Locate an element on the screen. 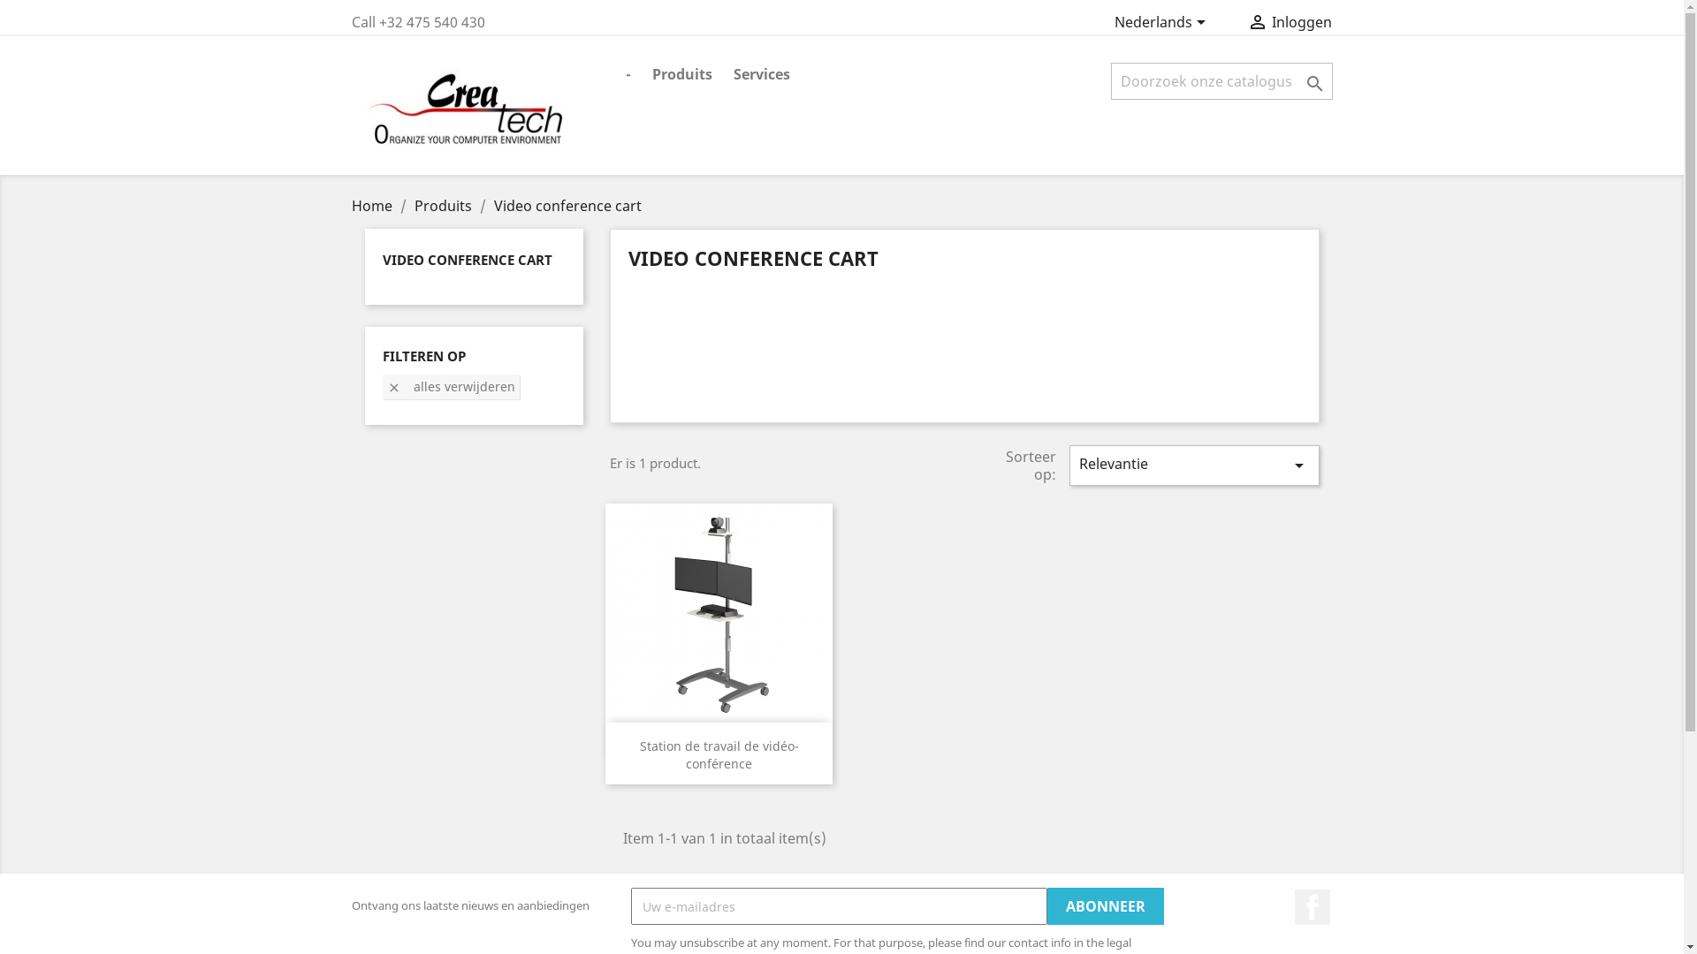 The image size is (1697, 954). 'Home' is located at coordinates (372, 204).